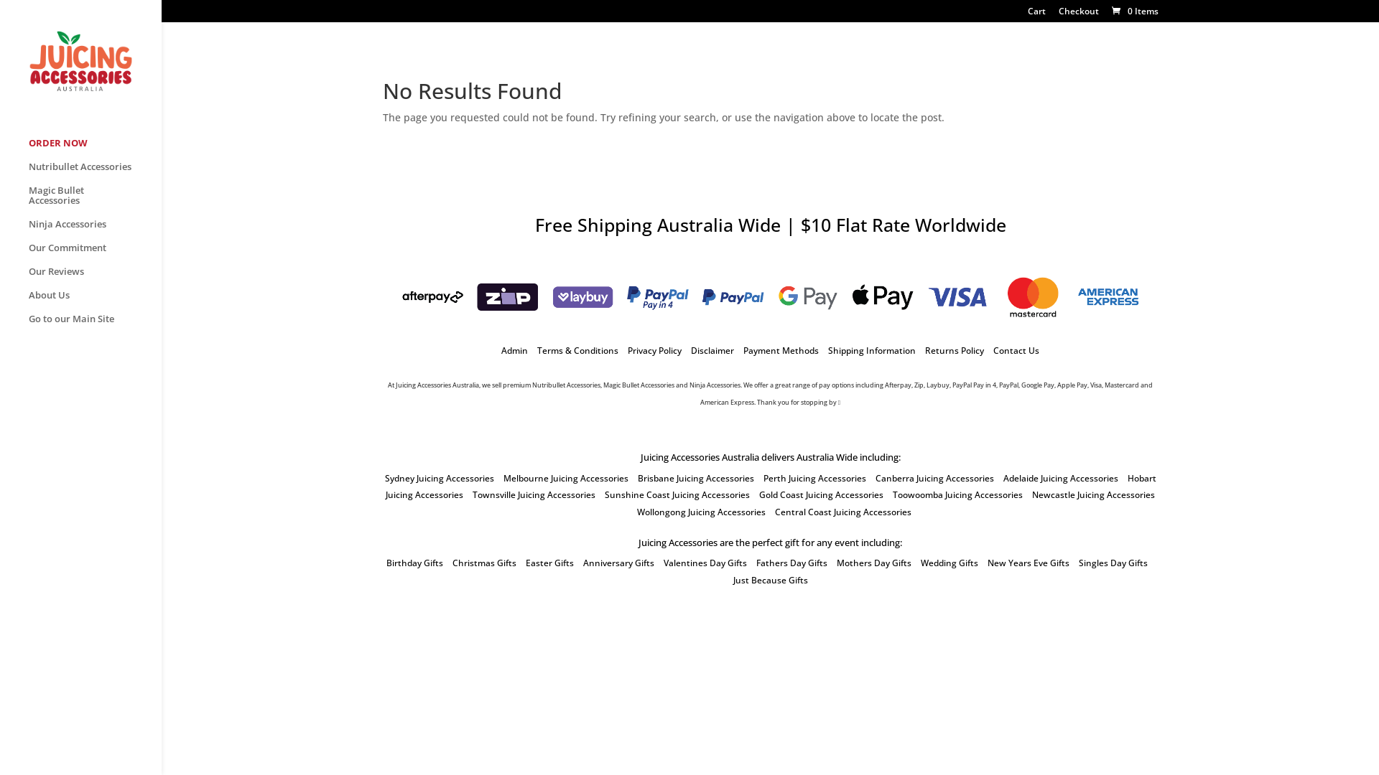 The width and height of the screenshot is (1379, 775). Describe the element at coordinates (1026, 562) in the screenshot. I see `'New Years Eve Gifts'` at that location.